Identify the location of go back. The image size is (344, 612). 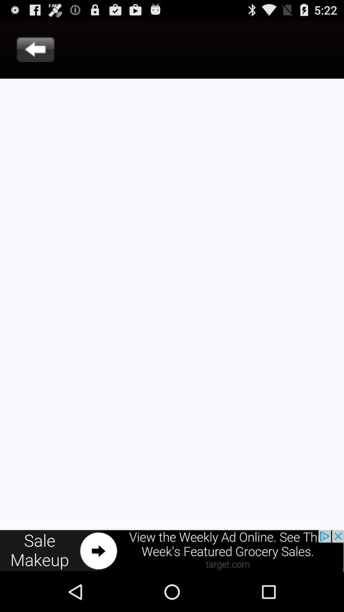
(35, 49).